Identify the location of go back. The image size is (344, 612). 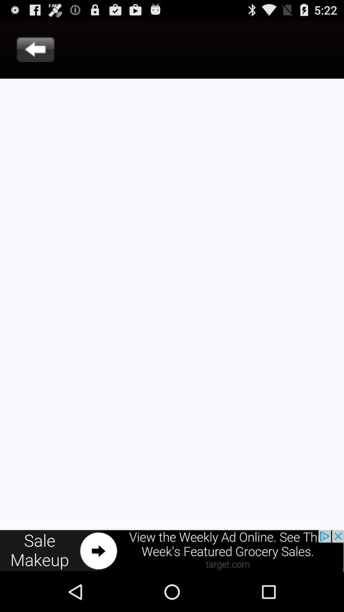
(35, 49).